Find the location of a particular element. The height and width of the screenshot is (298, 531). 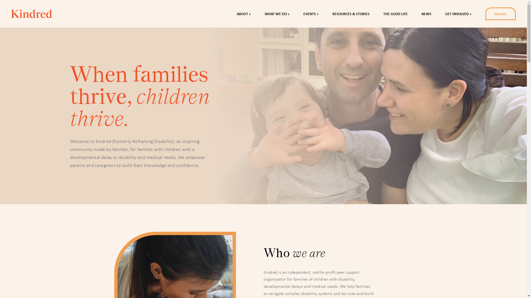

'Reframing Disability' is located at coordinates (11, 14).